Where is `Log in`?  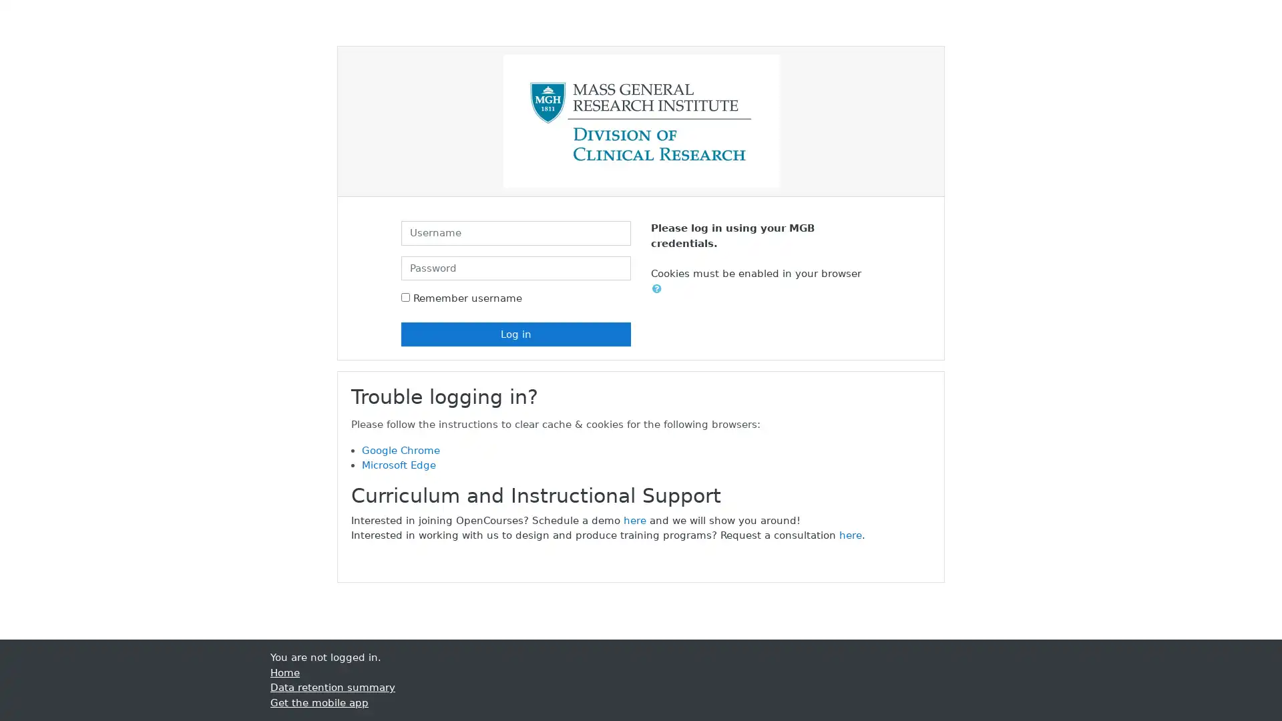 Log in is located at coordinates (515, 333).